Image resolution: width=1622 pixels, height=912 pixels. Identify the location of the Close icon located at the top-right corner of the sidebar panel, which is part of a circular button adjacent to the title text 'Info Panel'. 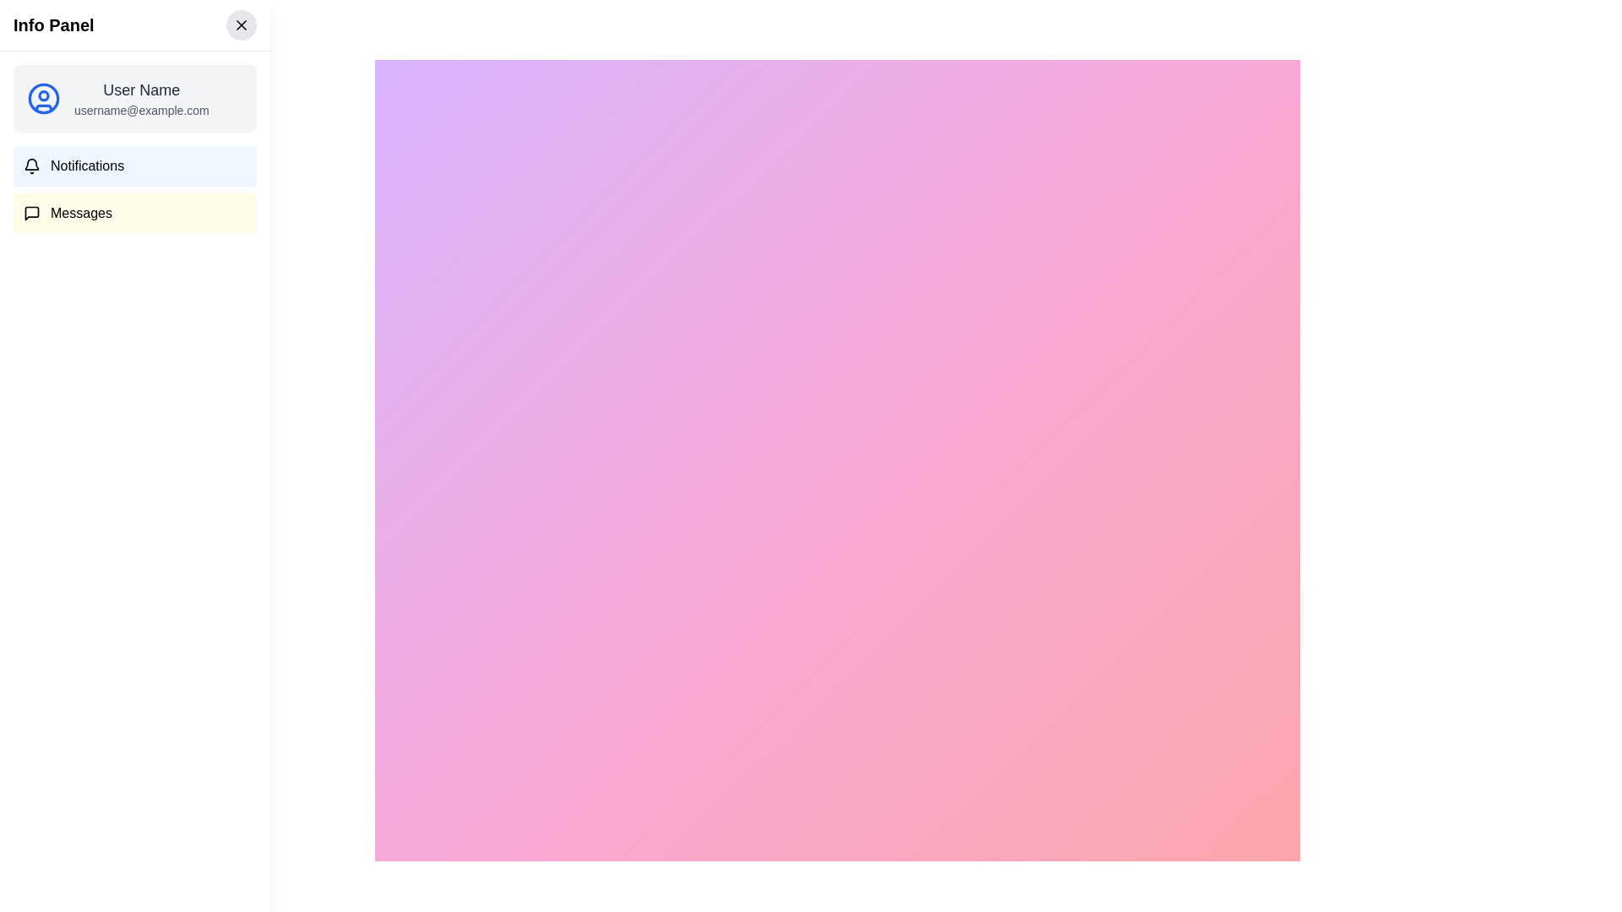
(241, 25).